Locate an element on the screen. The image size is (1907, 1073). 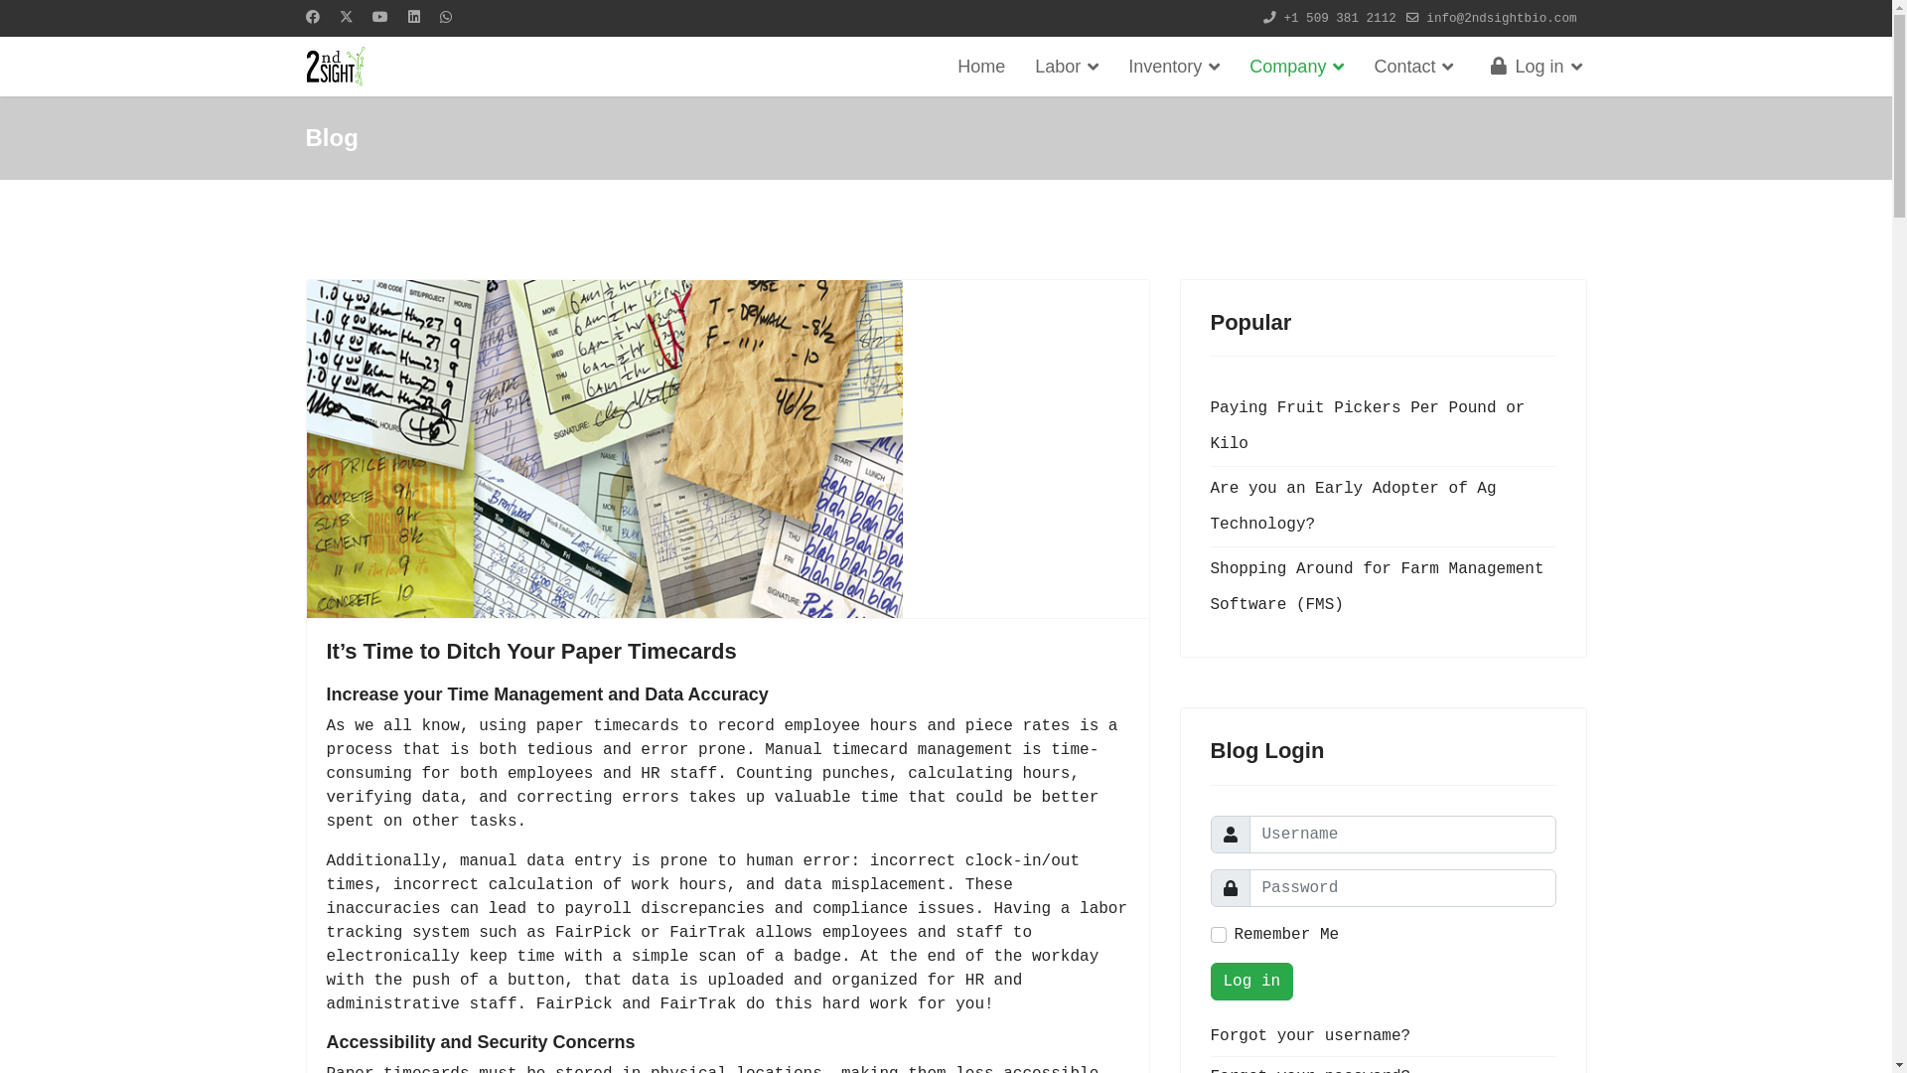
'Labor' is located at coordinates (1020, 65).